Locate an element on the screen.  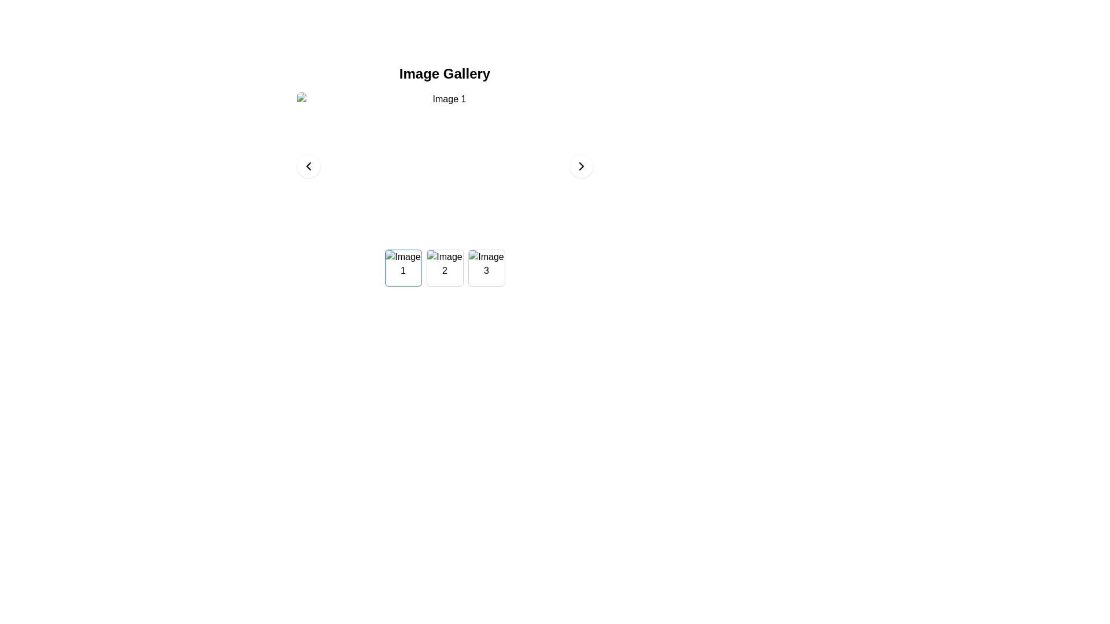
the leftward-pointing chevron arrow icon within the circular button is located at coordinates (308, 166).